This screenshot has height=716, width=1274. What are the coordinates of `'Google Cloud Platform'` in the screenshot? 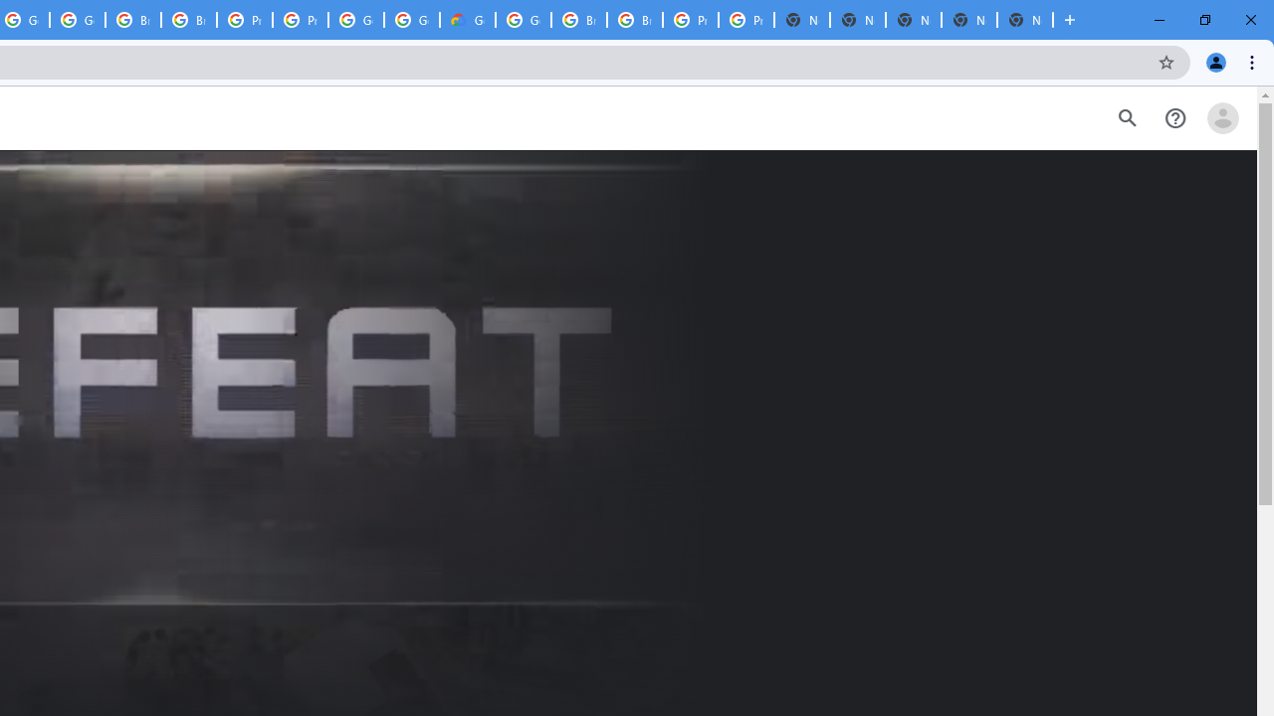 It's located at (524, 20).